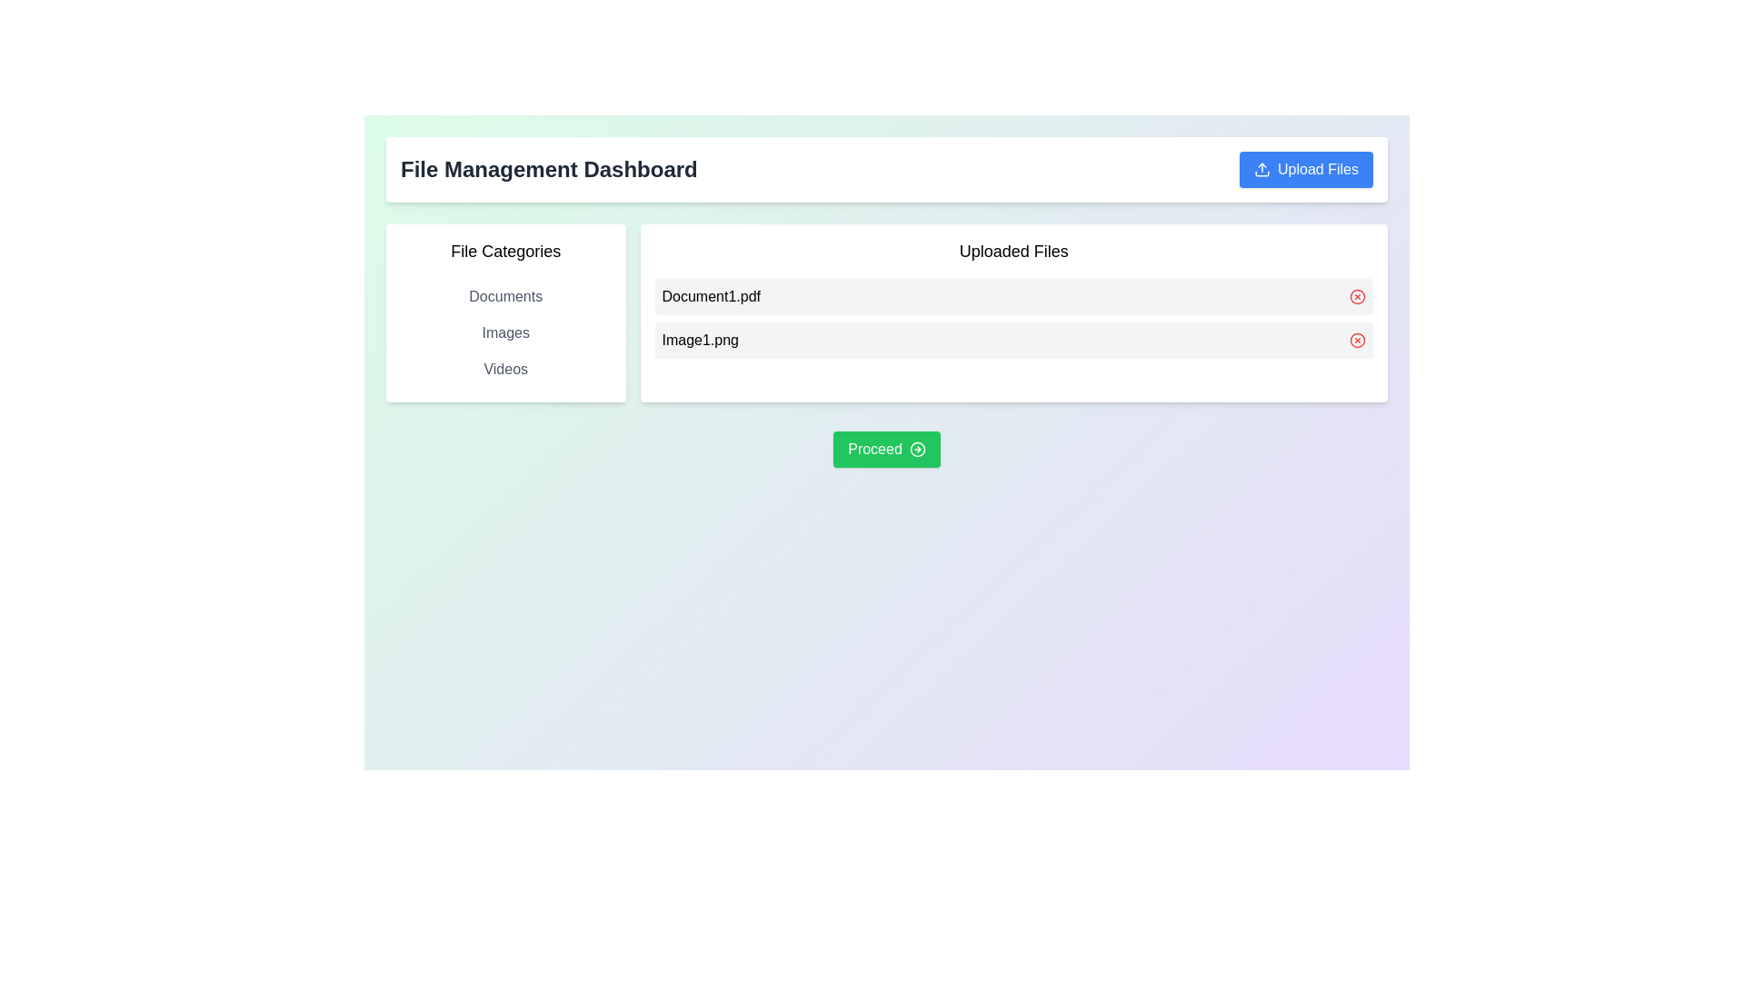 The image size is (1745, 981). What do you see at coordinates (505, 296) in the screenshot?
I see `the 'Documents' text label, the first item in the vertical list under the 'File Categories' header` at bounding box center [505, 296].